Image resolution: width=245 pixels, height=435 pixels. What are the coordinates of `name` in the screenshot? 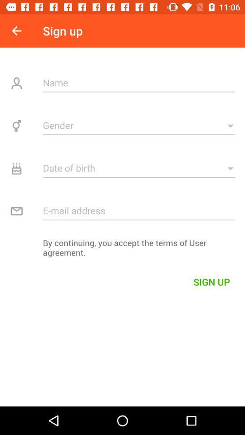 It's located at (139, 82).